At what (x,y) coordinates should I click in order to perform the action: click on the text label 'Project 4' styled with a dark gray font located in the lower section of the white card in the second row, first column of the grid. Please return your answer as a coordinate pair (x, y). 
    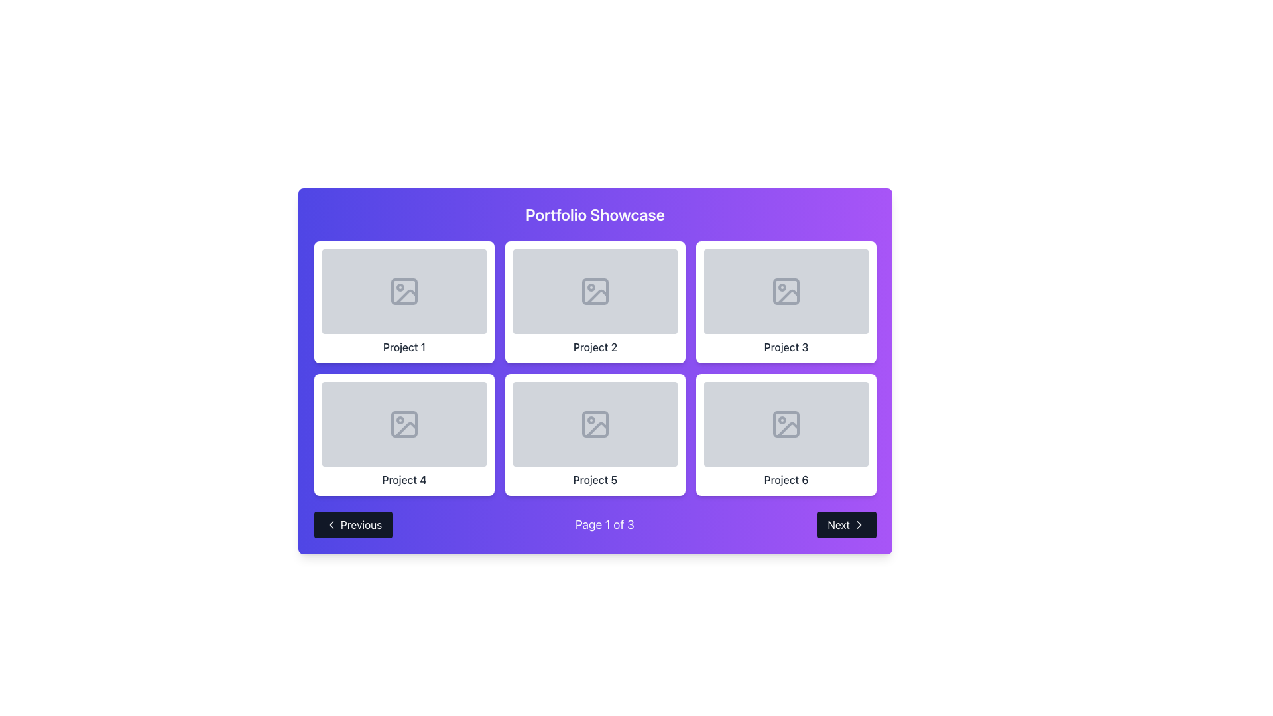
    Looking at the image, I should click on (403, 480).